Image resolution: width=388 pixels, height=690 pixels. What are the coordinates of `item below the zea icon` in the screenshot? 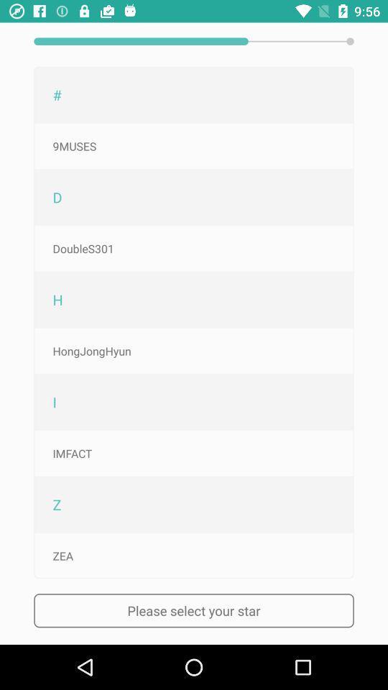 It's located at (194, 609).